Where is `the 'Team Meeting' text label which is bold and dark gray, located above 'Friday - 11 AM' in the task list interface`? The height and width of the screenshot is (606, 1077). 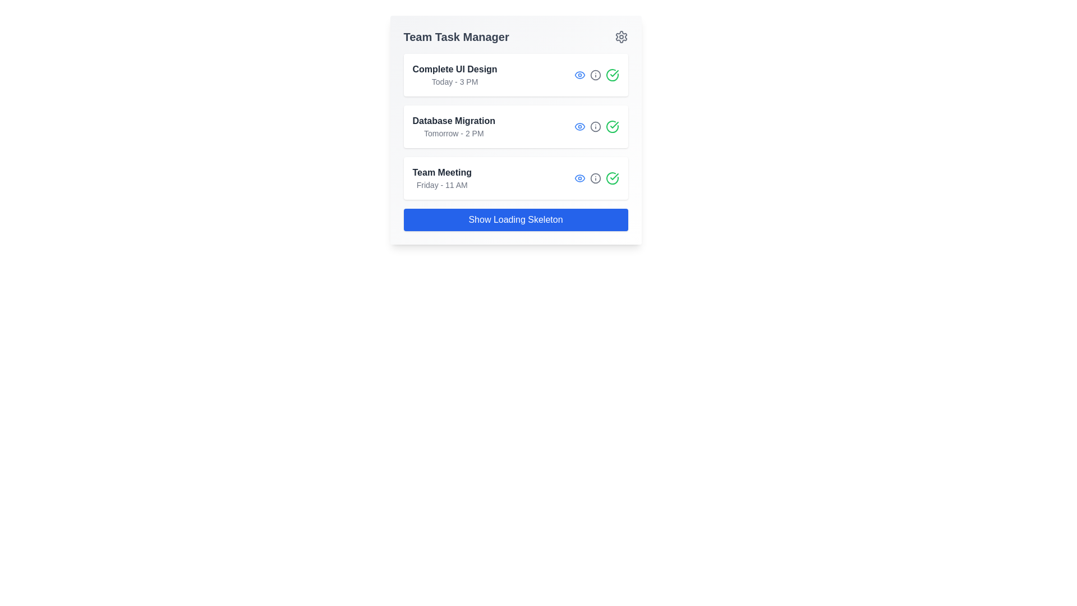 the 'Team Meeting' text label which is bold and dark gray, located above 'Friday - 11 AM' in the task list interface is located at coordinates (441, 173).